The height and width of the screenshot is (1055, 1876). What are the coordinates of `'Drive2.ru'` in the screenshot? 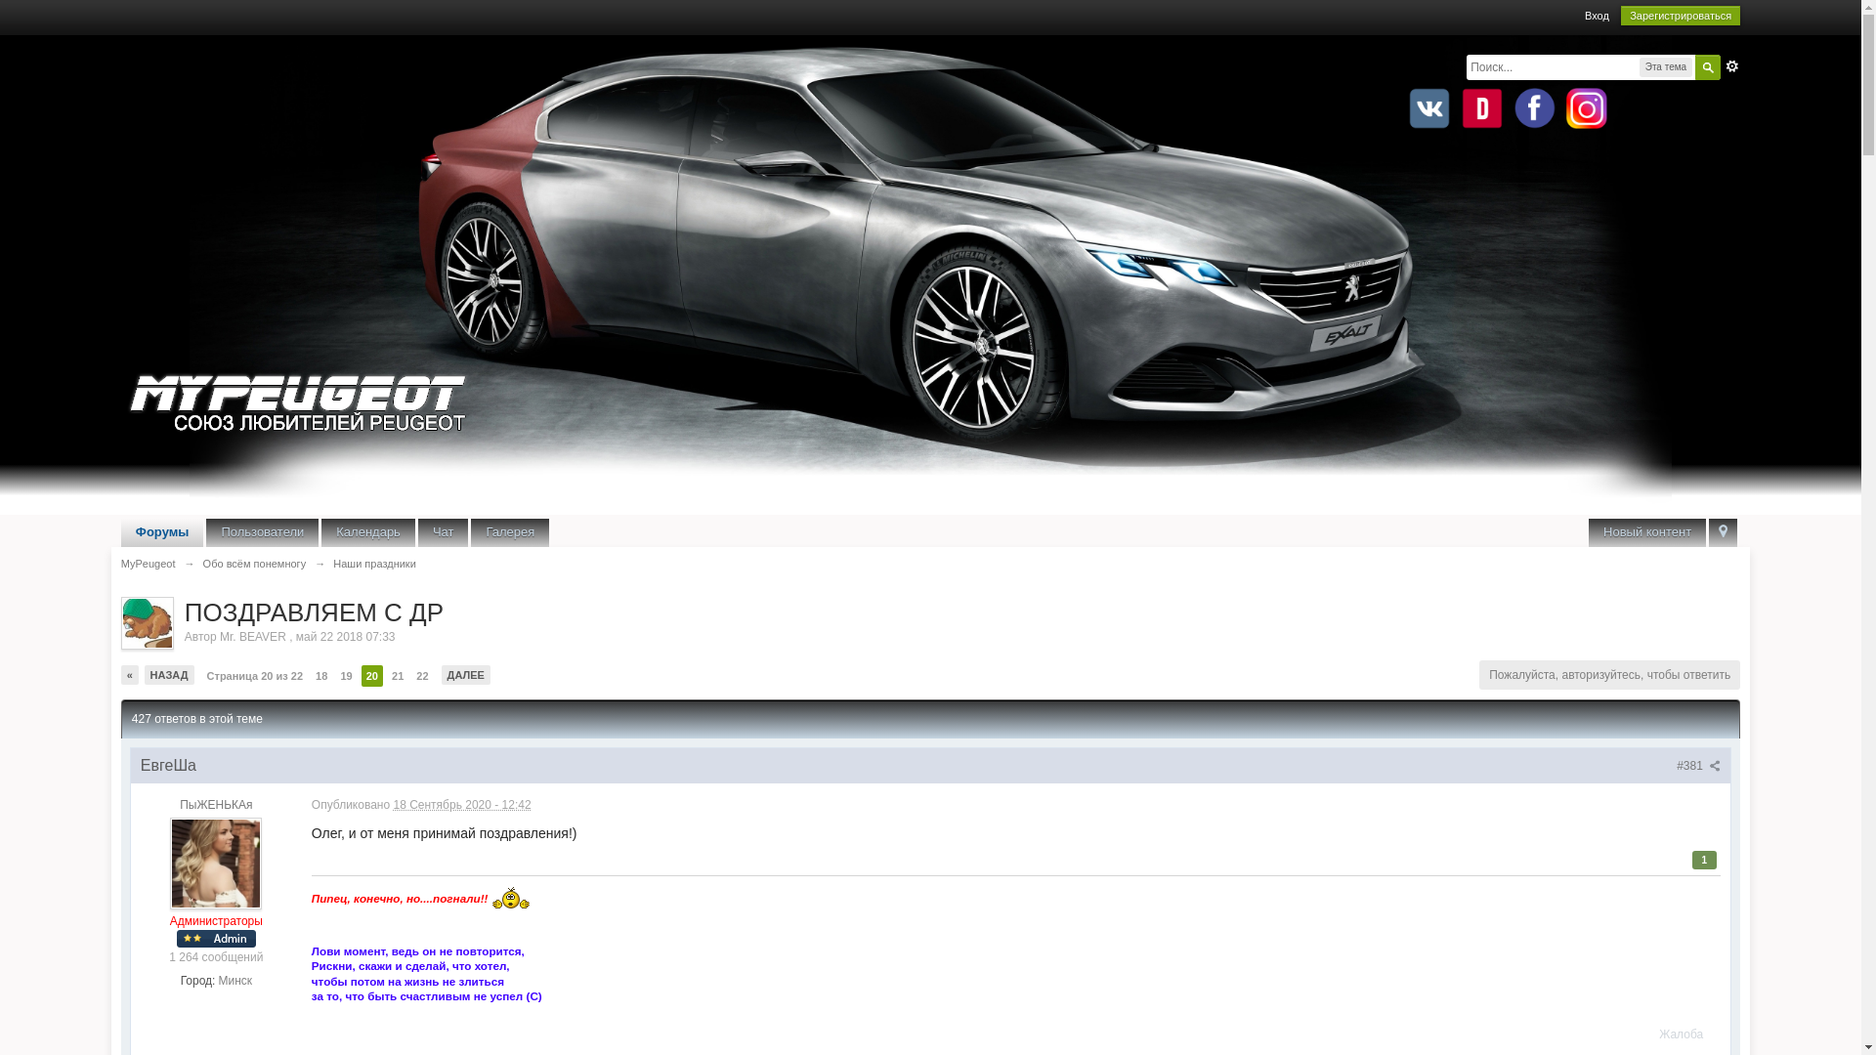 It's located at (1481, 108).